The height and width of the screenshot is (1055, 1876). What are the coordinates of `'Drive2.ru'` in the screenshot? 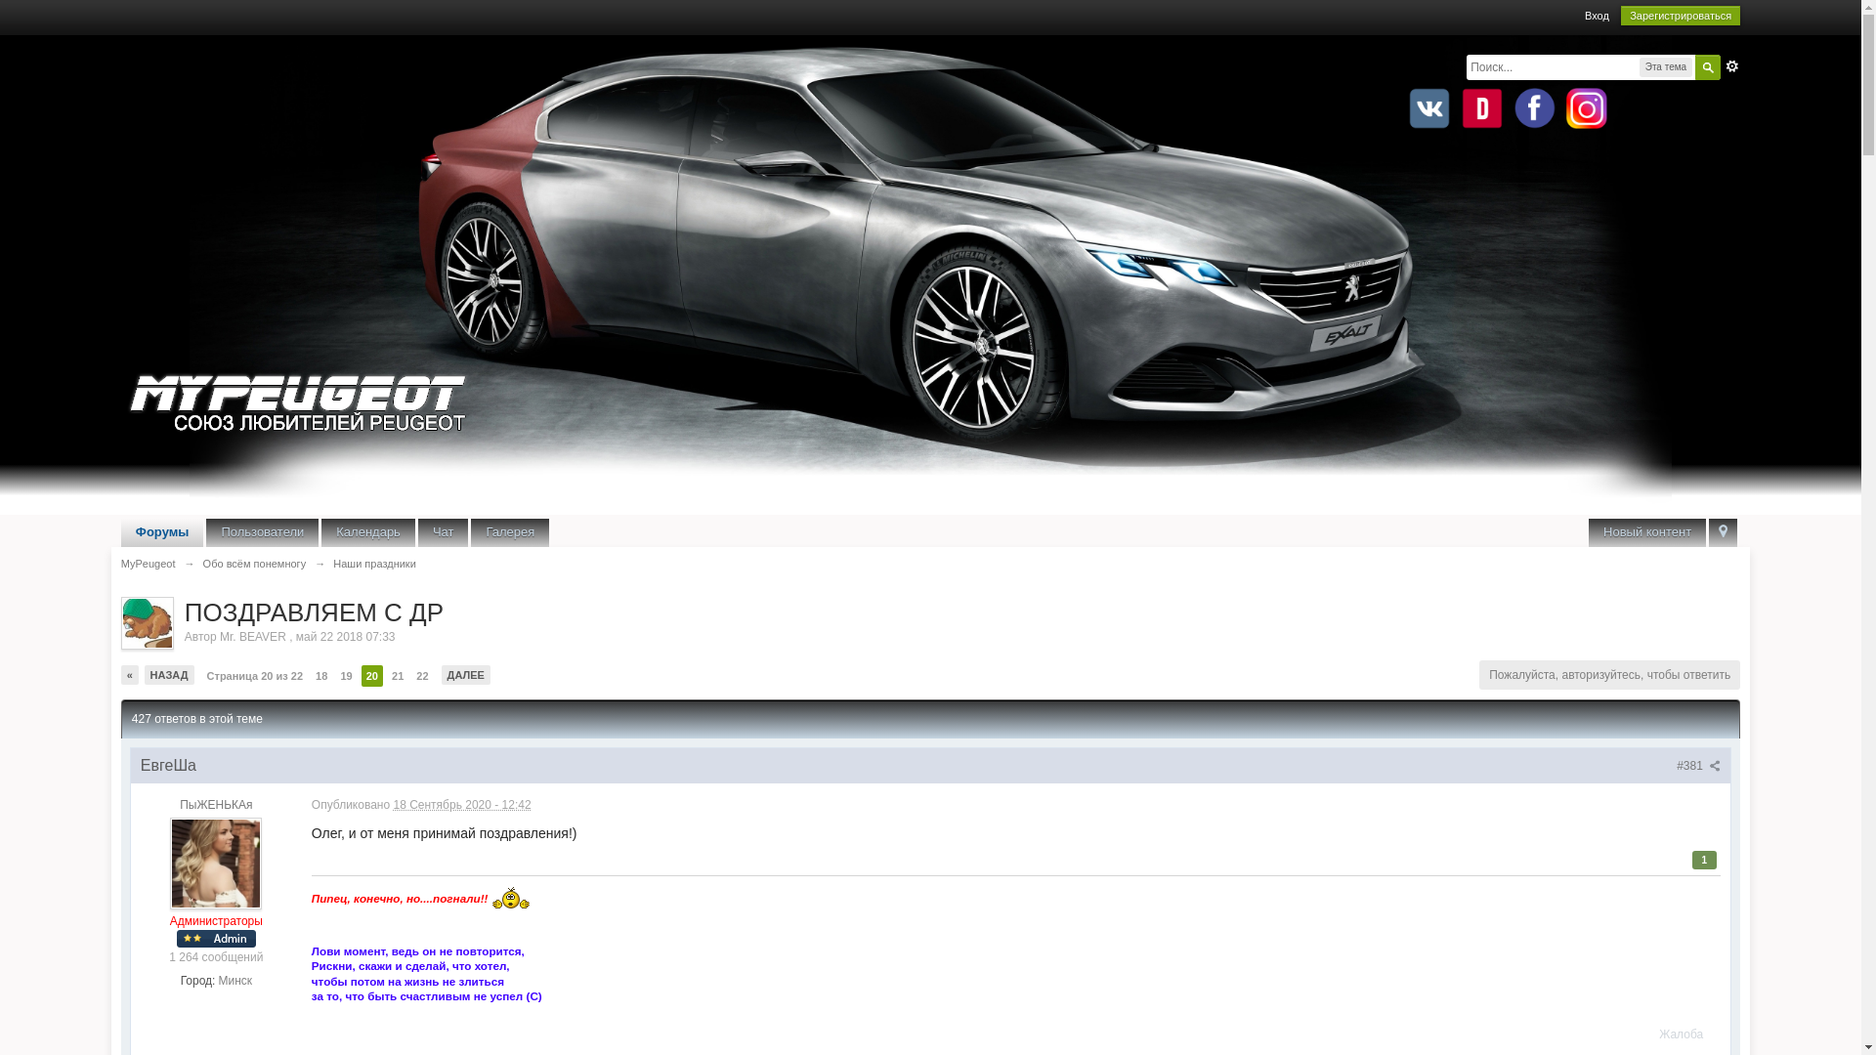 It's located at (1481, 108).